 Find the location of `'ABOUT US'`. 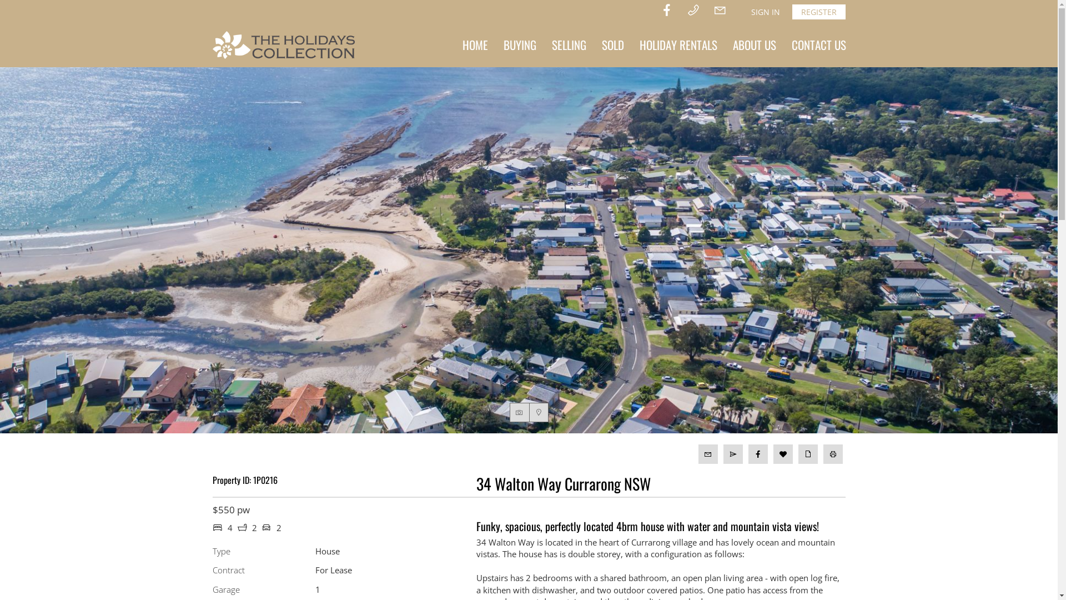

'ABOUT US' is located at coordinates (754, 44).